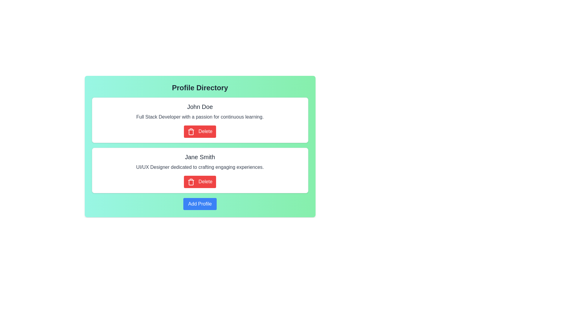 This screenshot has width=577, height=325. I want to click on the delete icon within the first 'Delete' button associated with the first user profile in the Profile Directory interface, executing the deletion function, so click(191, 131).